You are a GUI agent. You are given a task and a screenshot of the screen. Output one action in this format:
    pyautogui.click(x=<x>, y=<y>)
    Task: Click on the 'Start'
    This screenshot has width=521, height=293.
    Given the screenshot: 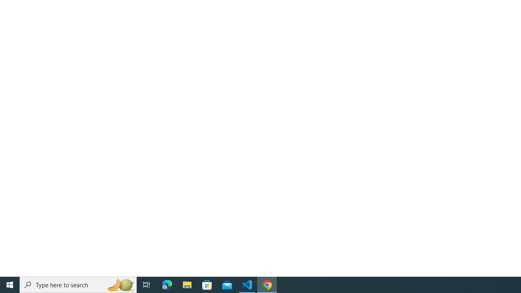 What is the action you would take?
    pyautogui.click(x=10, y=284)
    